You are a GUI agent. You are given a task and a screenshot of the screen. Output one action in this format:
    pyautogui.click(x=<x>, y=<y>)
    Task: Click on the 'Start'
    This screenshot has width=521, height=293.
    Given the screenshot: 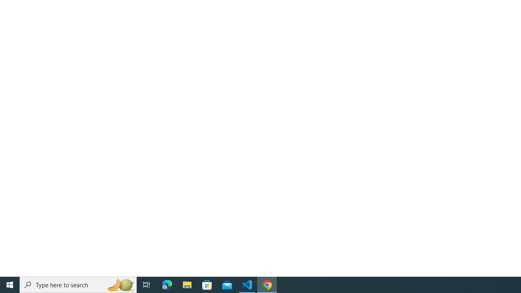 What is the action you would take?
    pyautogui.click(x=10, y=284)
    